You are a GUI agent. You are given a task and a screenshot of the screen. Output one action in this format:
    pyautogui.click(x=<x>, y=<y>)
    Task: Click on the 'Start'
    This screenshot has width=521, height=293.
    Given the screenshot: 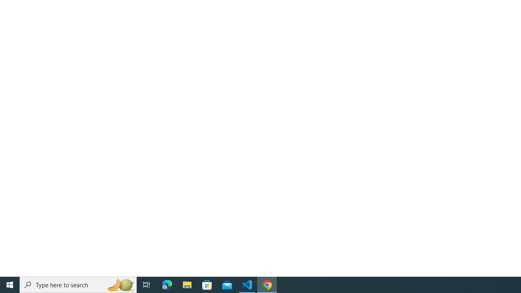 What is the action you would take?
    pyautogui.click(x=10, y=284)
    